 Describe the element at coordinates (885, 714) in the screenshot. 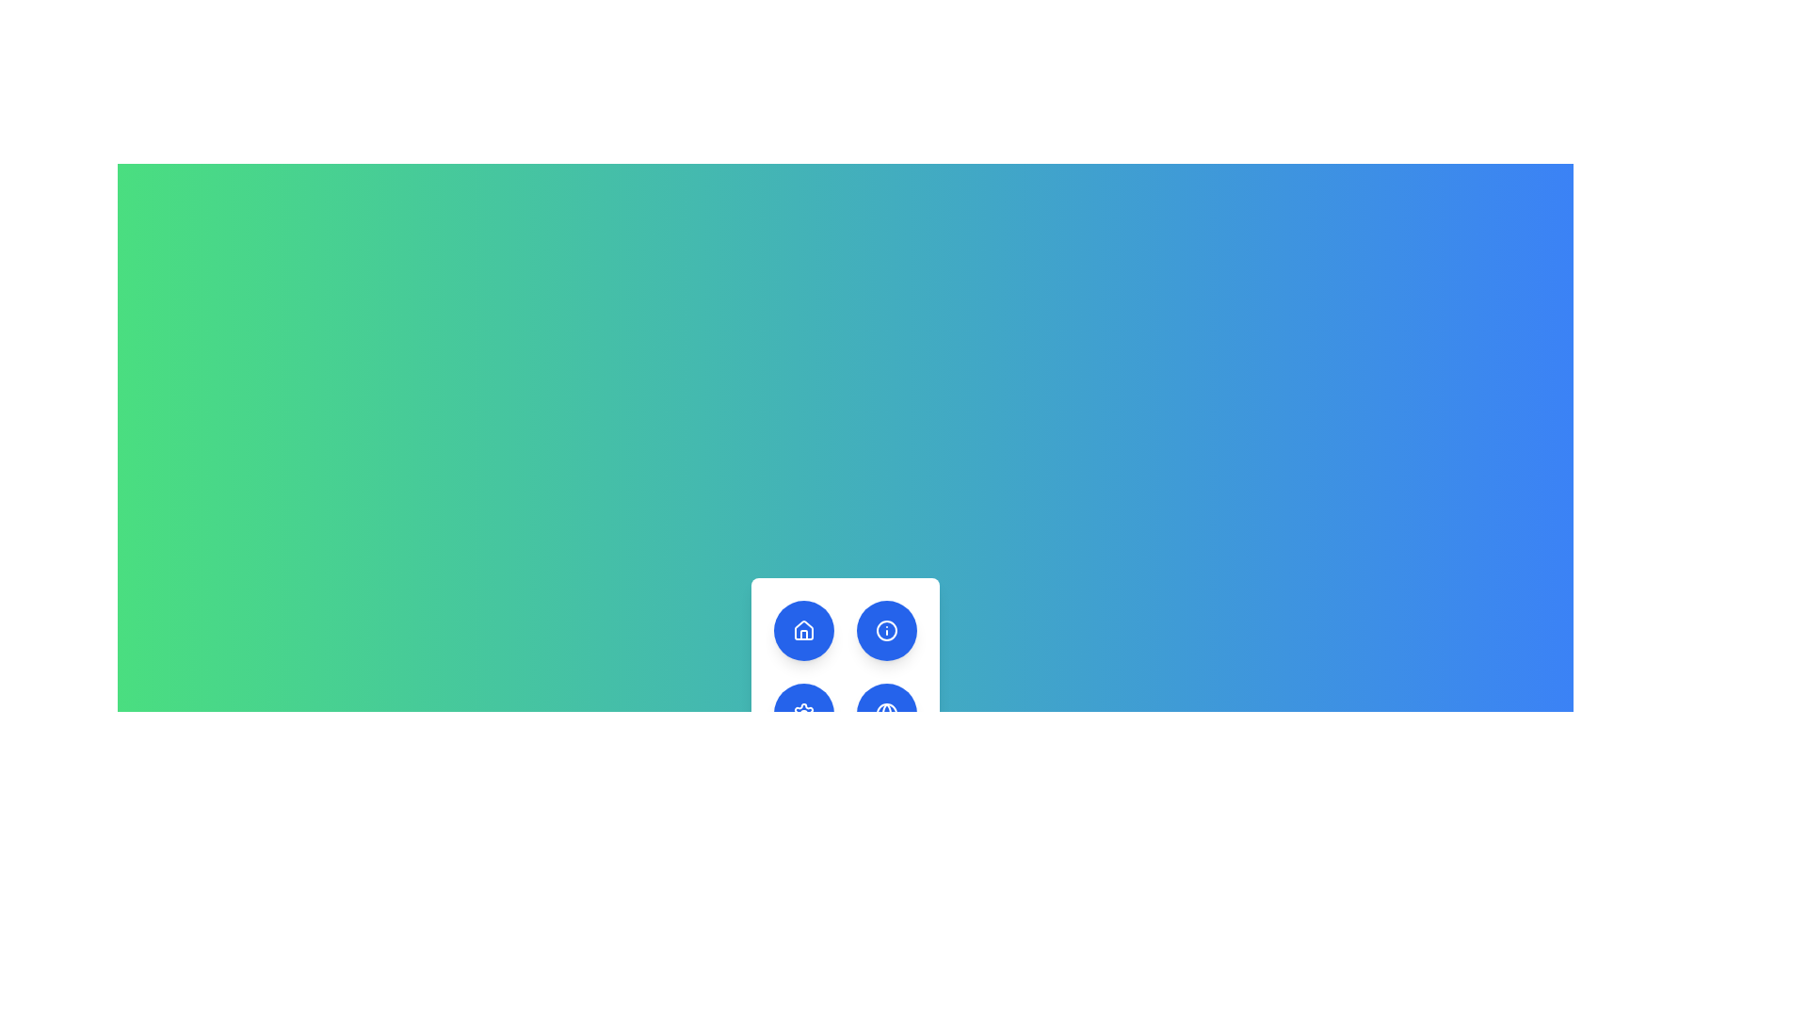

I see `the blue circular globe icon located in the bottom row of the grid of icons` at that location.